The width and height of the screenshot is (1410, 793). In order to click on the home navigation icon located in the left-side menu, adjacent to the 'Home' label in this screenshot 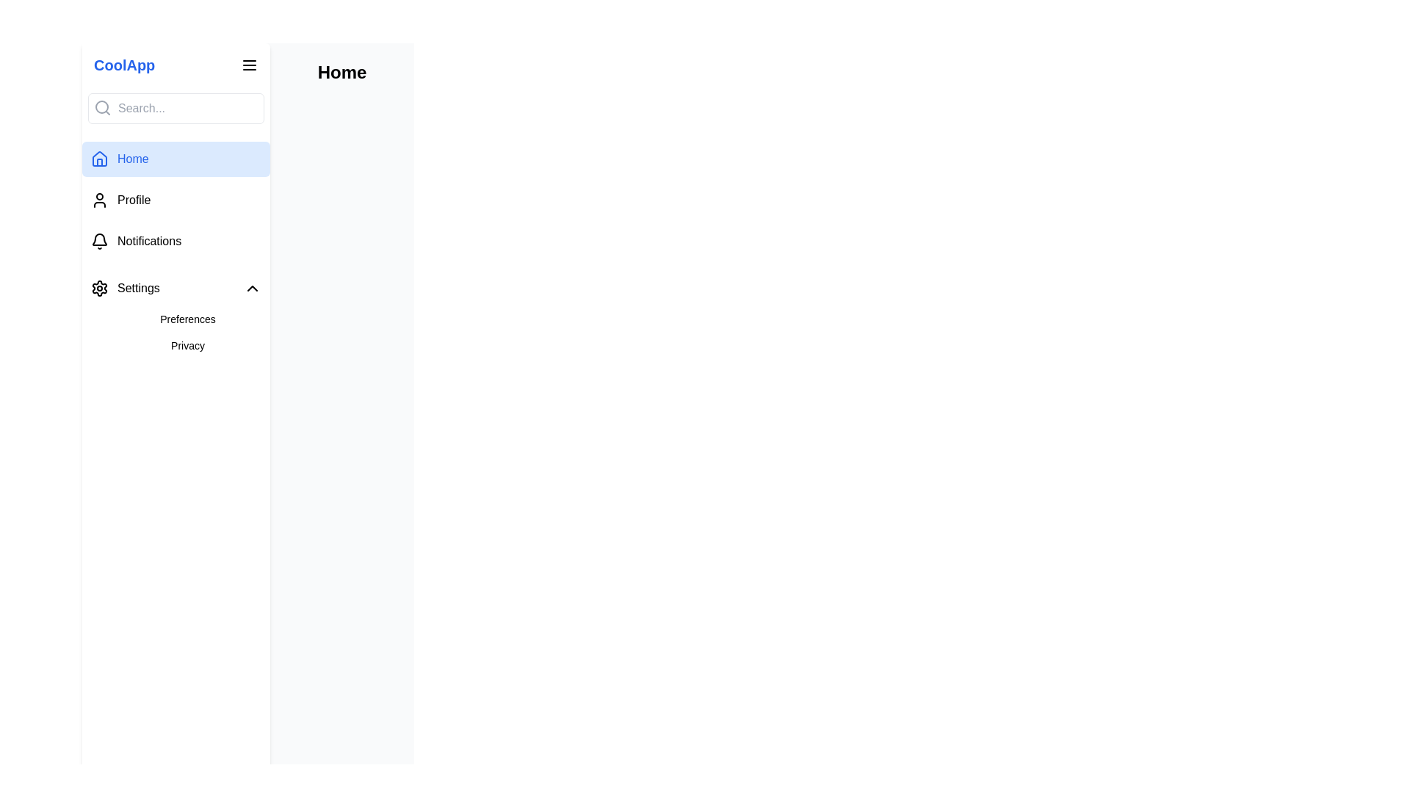, I will do `click(98, 159)`.